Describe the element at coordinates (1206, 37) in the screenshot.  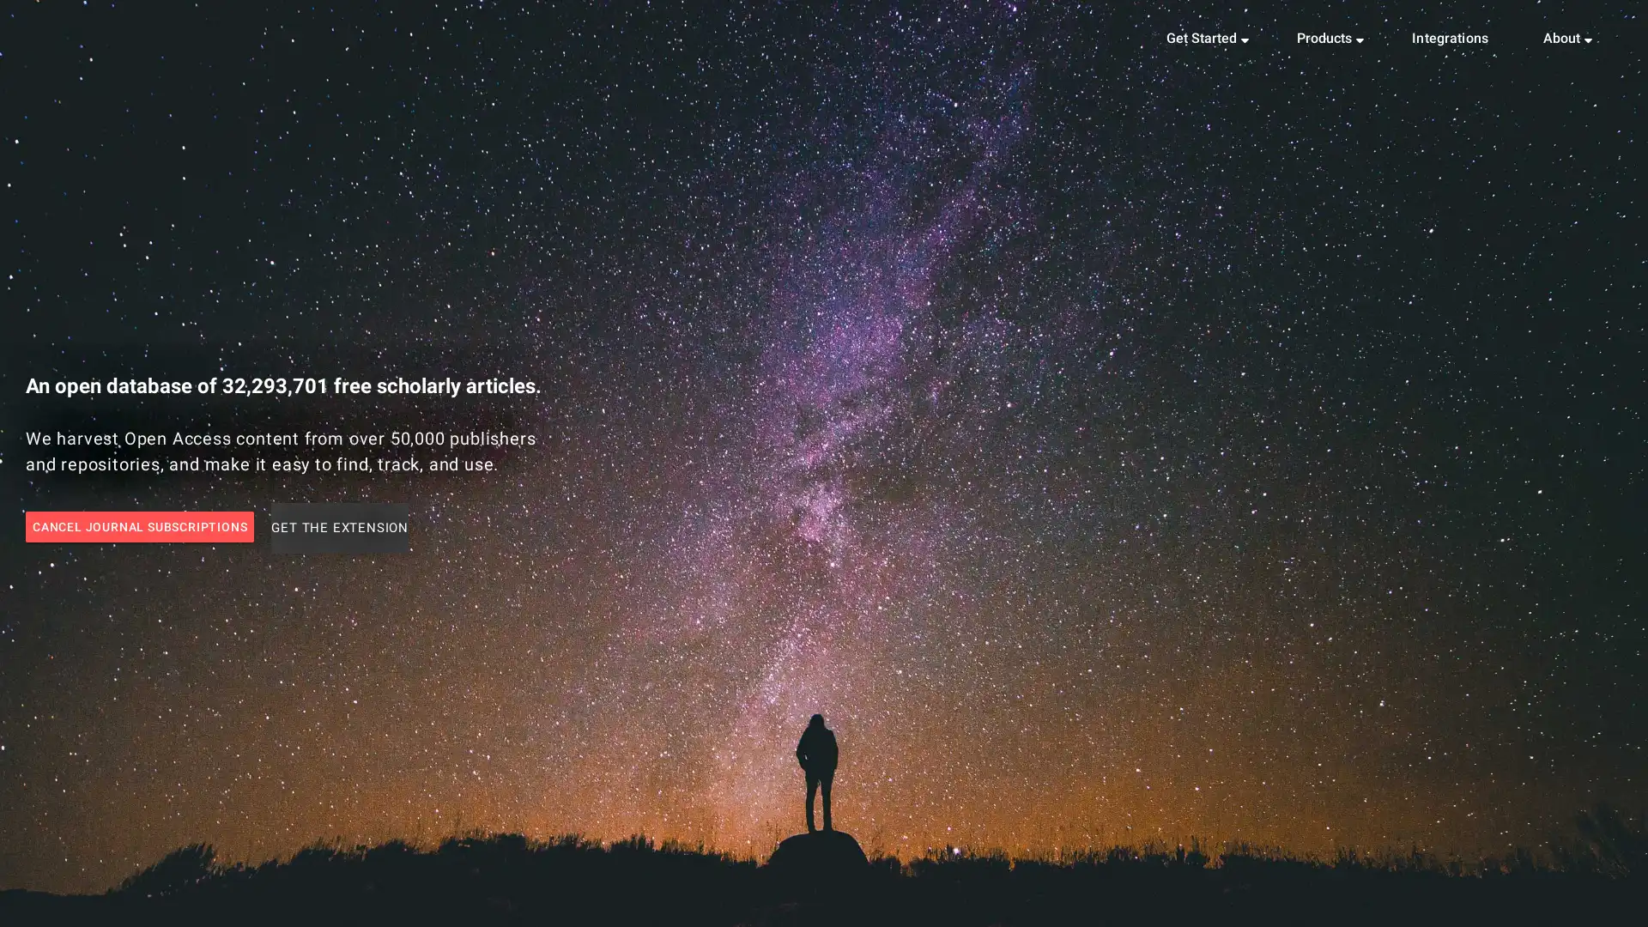
I see `Get Started` at that location.